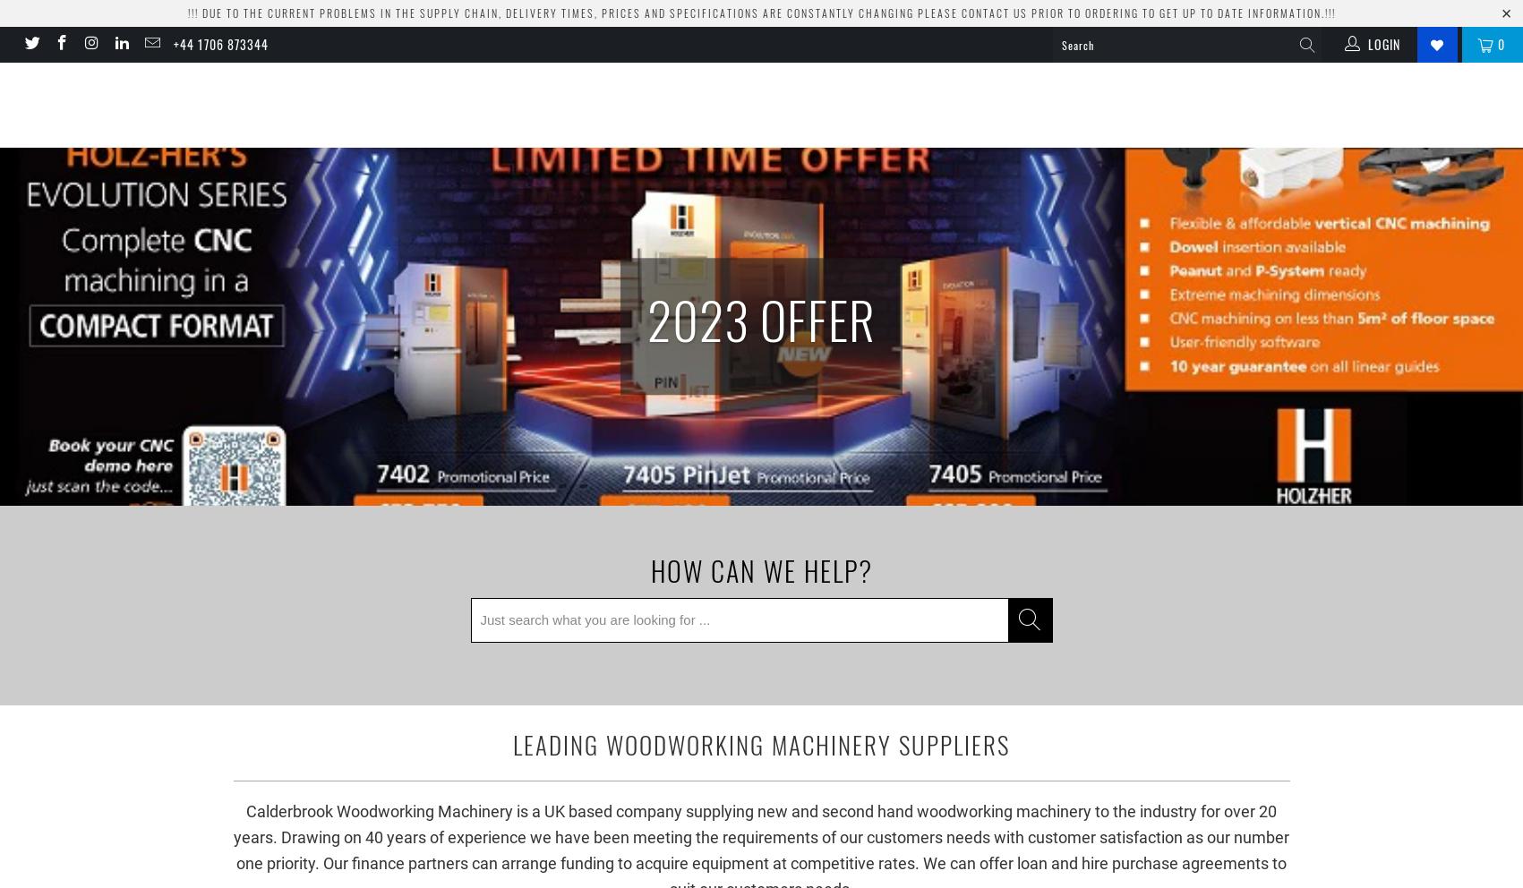  Describe the element at coordinates (1231, 103) in the screenshot. I see `'By Brand'` at that location.